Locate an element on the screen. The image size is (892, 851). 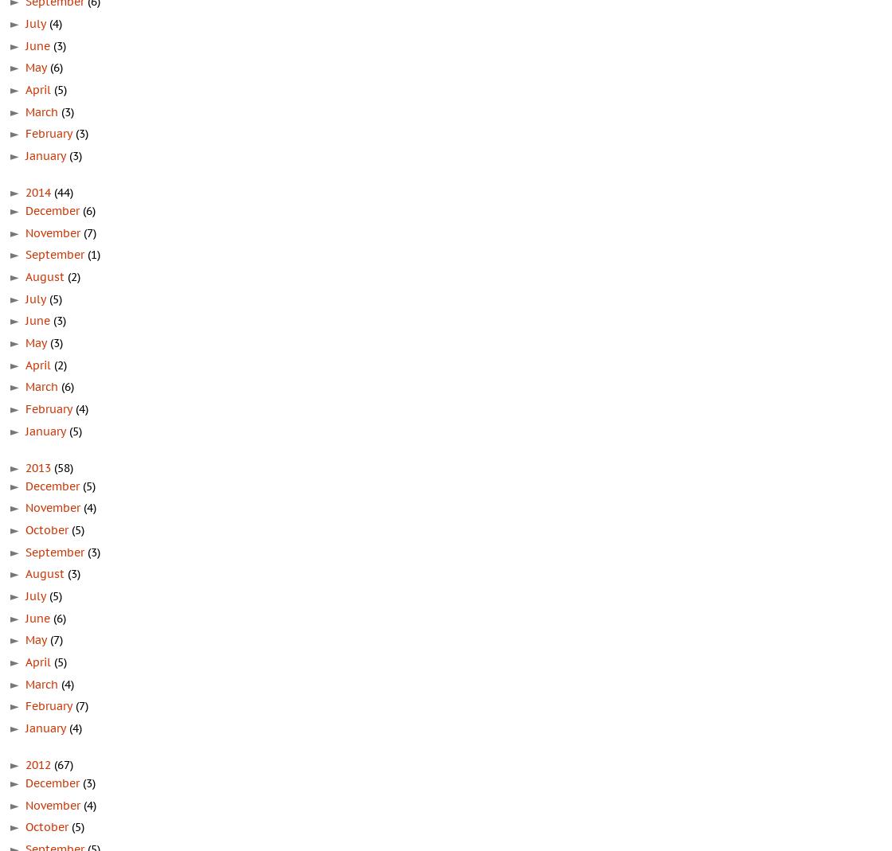
'(1)' is located at coordinates (87, 253).